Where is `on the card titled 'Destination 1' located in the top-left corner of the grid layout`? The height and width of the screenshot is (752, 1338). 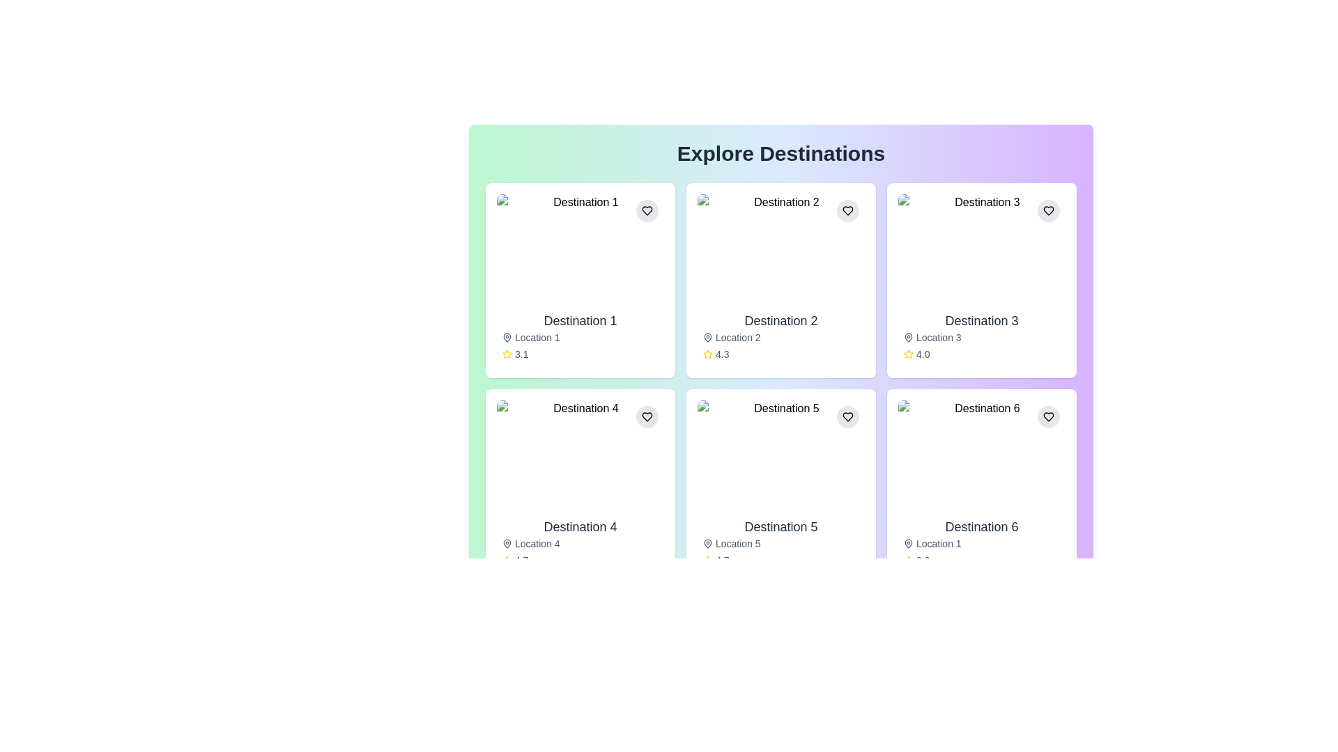 on the card titled 'Destination 1' located in the top-left corner of the grid layout is located at coordinates (580, 280).